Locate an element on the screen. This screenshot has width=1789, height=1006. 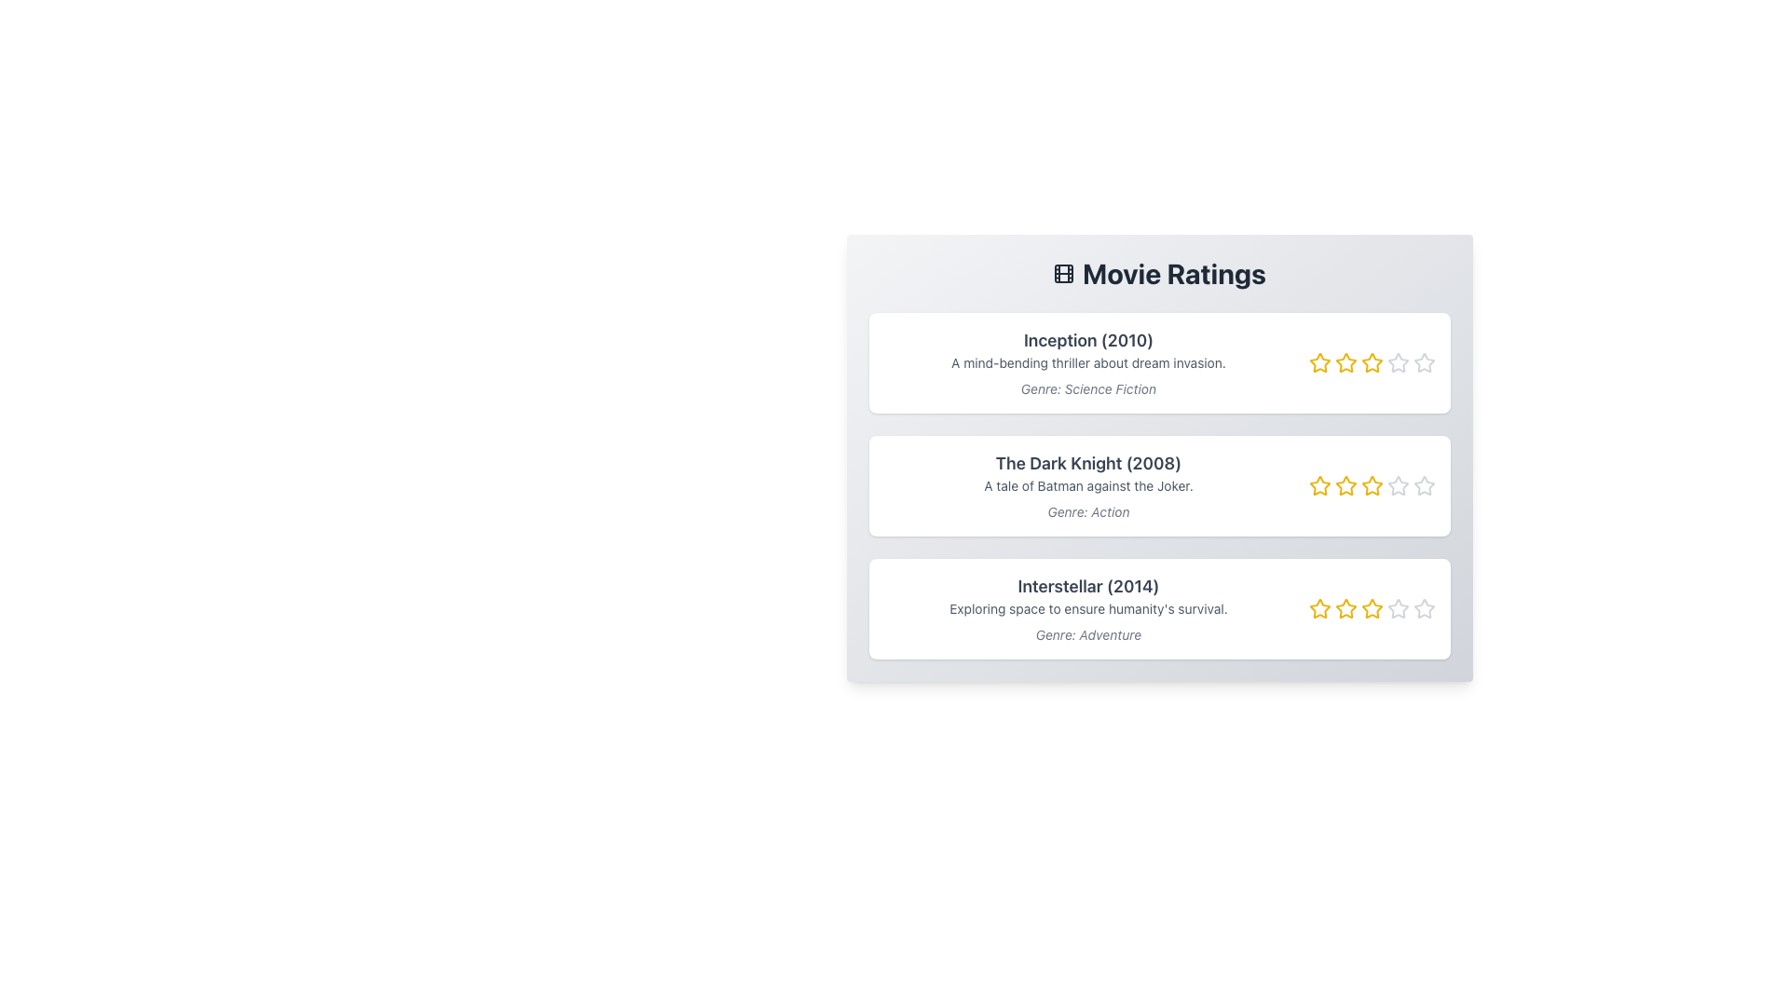
the fifth star icon in the rating component for 'Interstellar (2014)' is located at coordinates (1423, 609).